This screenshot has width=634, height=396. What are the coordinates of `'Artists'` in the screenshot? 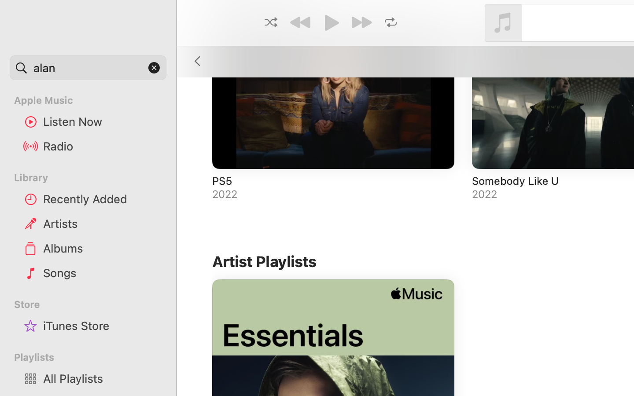 It's located at (101, 223).